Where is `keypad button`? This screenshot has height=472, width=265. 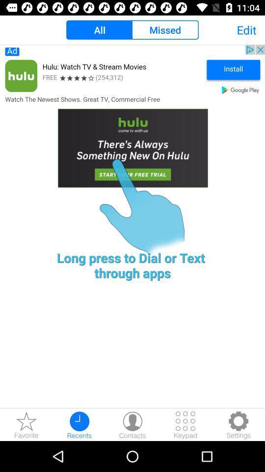 keypad button is located at coordinates (185, 424).